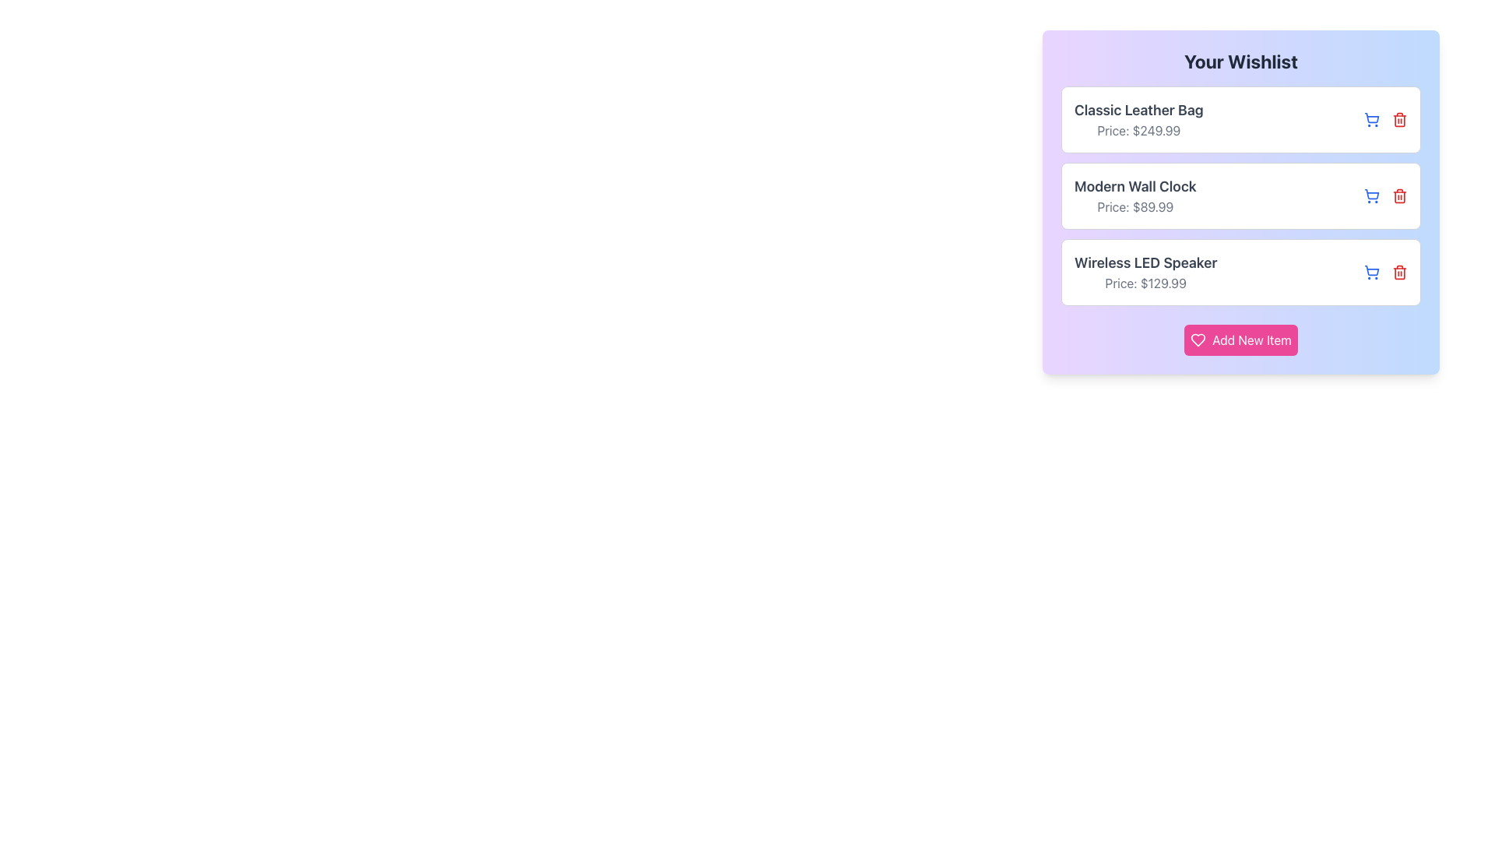 The height and width of the screenshot is (841, 1495). Describe the element at coordinates (1145, 283) in the screenshot. I see `text label that informs the user about the price of the 'Wireless LED Speaker' in the wishlist, located below the title and above the icons for cart and delete` at that location.